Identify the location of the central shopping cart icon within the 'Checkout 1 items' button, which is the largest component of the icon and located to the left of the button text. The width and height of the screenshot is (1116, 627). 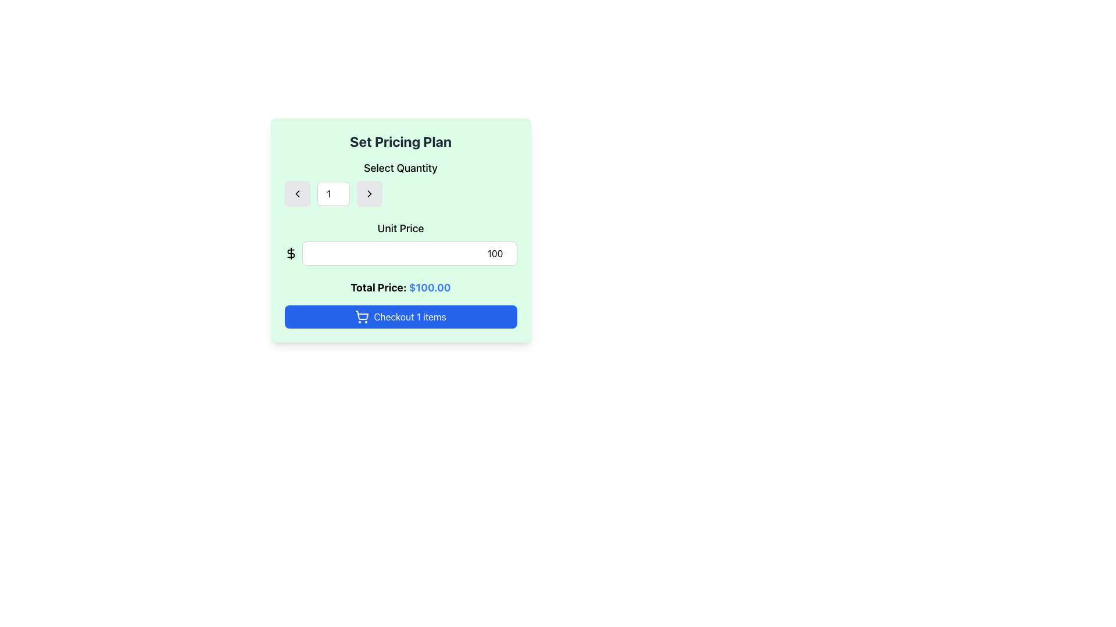
(362, 315).